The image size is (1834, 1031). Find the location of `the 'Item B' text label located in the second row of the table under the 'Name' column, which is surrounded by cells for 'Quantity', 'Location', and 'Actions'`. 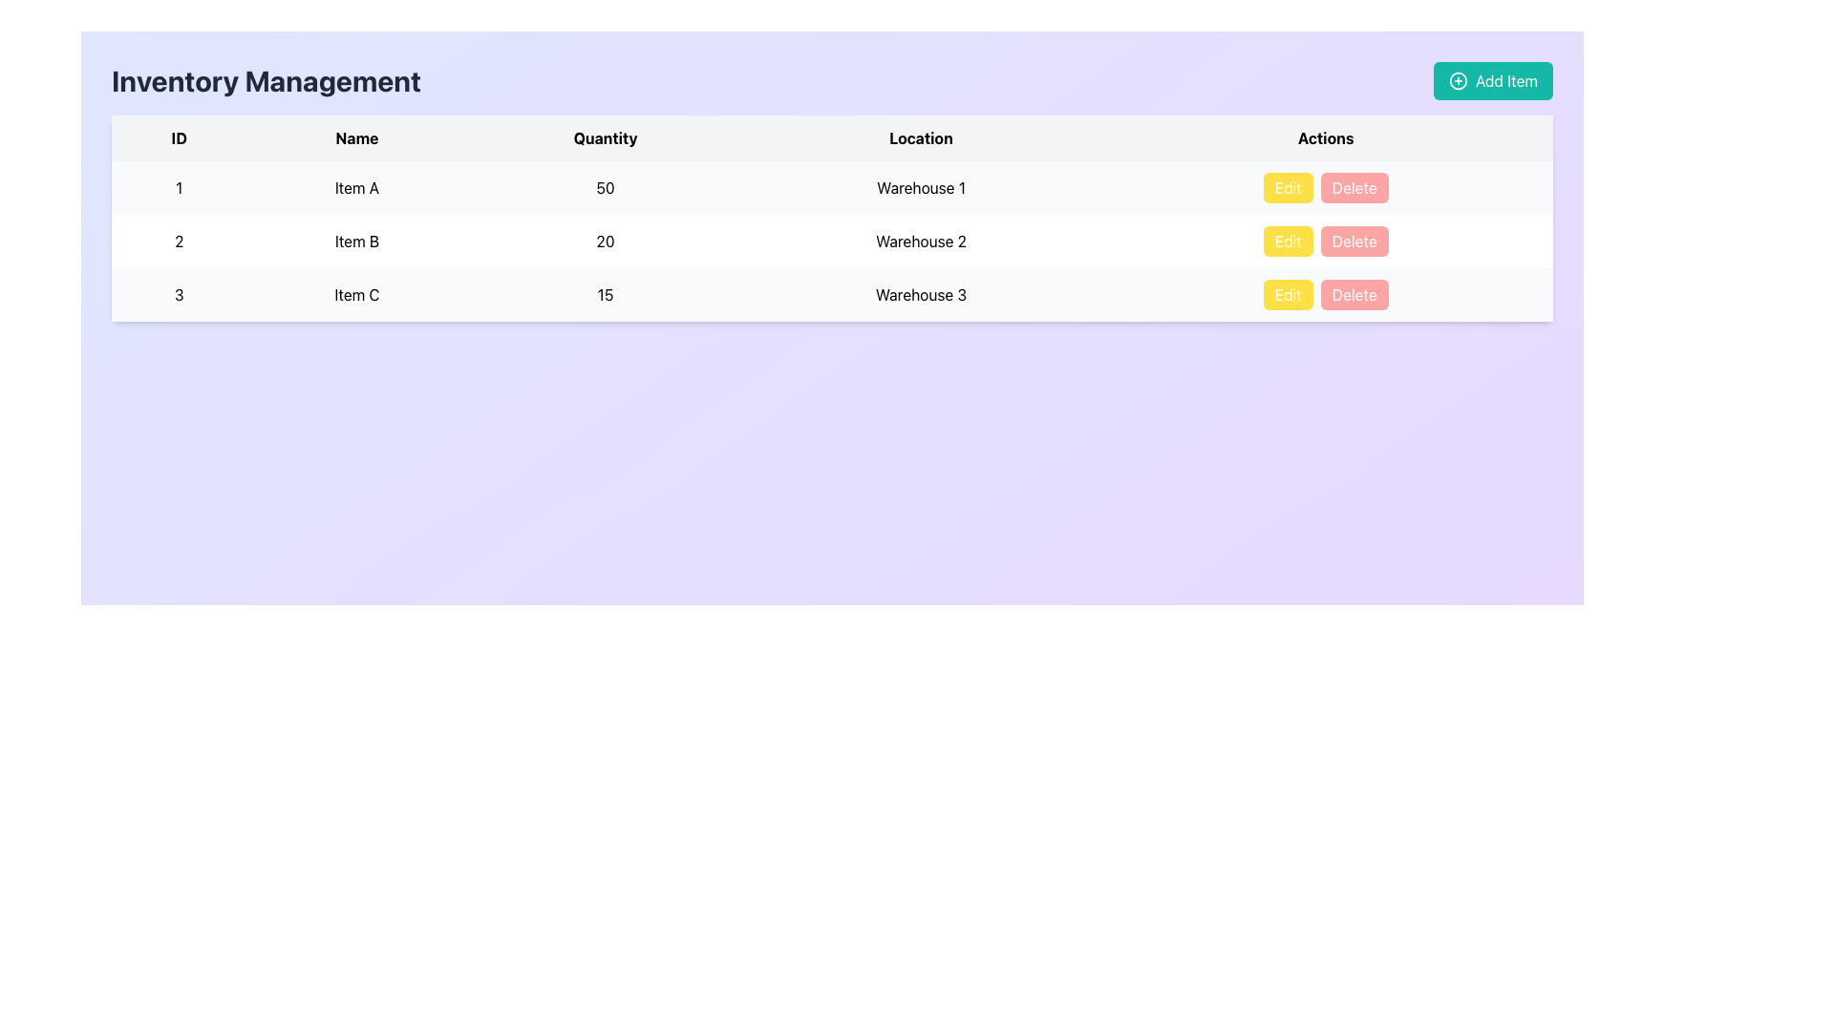

the 'Item B' text label located in the second row of the table under the 'Name' column, which is surrounded by cells for 'Quantity', 'Location', and 'Actions' is located at coordinates (357, 241).